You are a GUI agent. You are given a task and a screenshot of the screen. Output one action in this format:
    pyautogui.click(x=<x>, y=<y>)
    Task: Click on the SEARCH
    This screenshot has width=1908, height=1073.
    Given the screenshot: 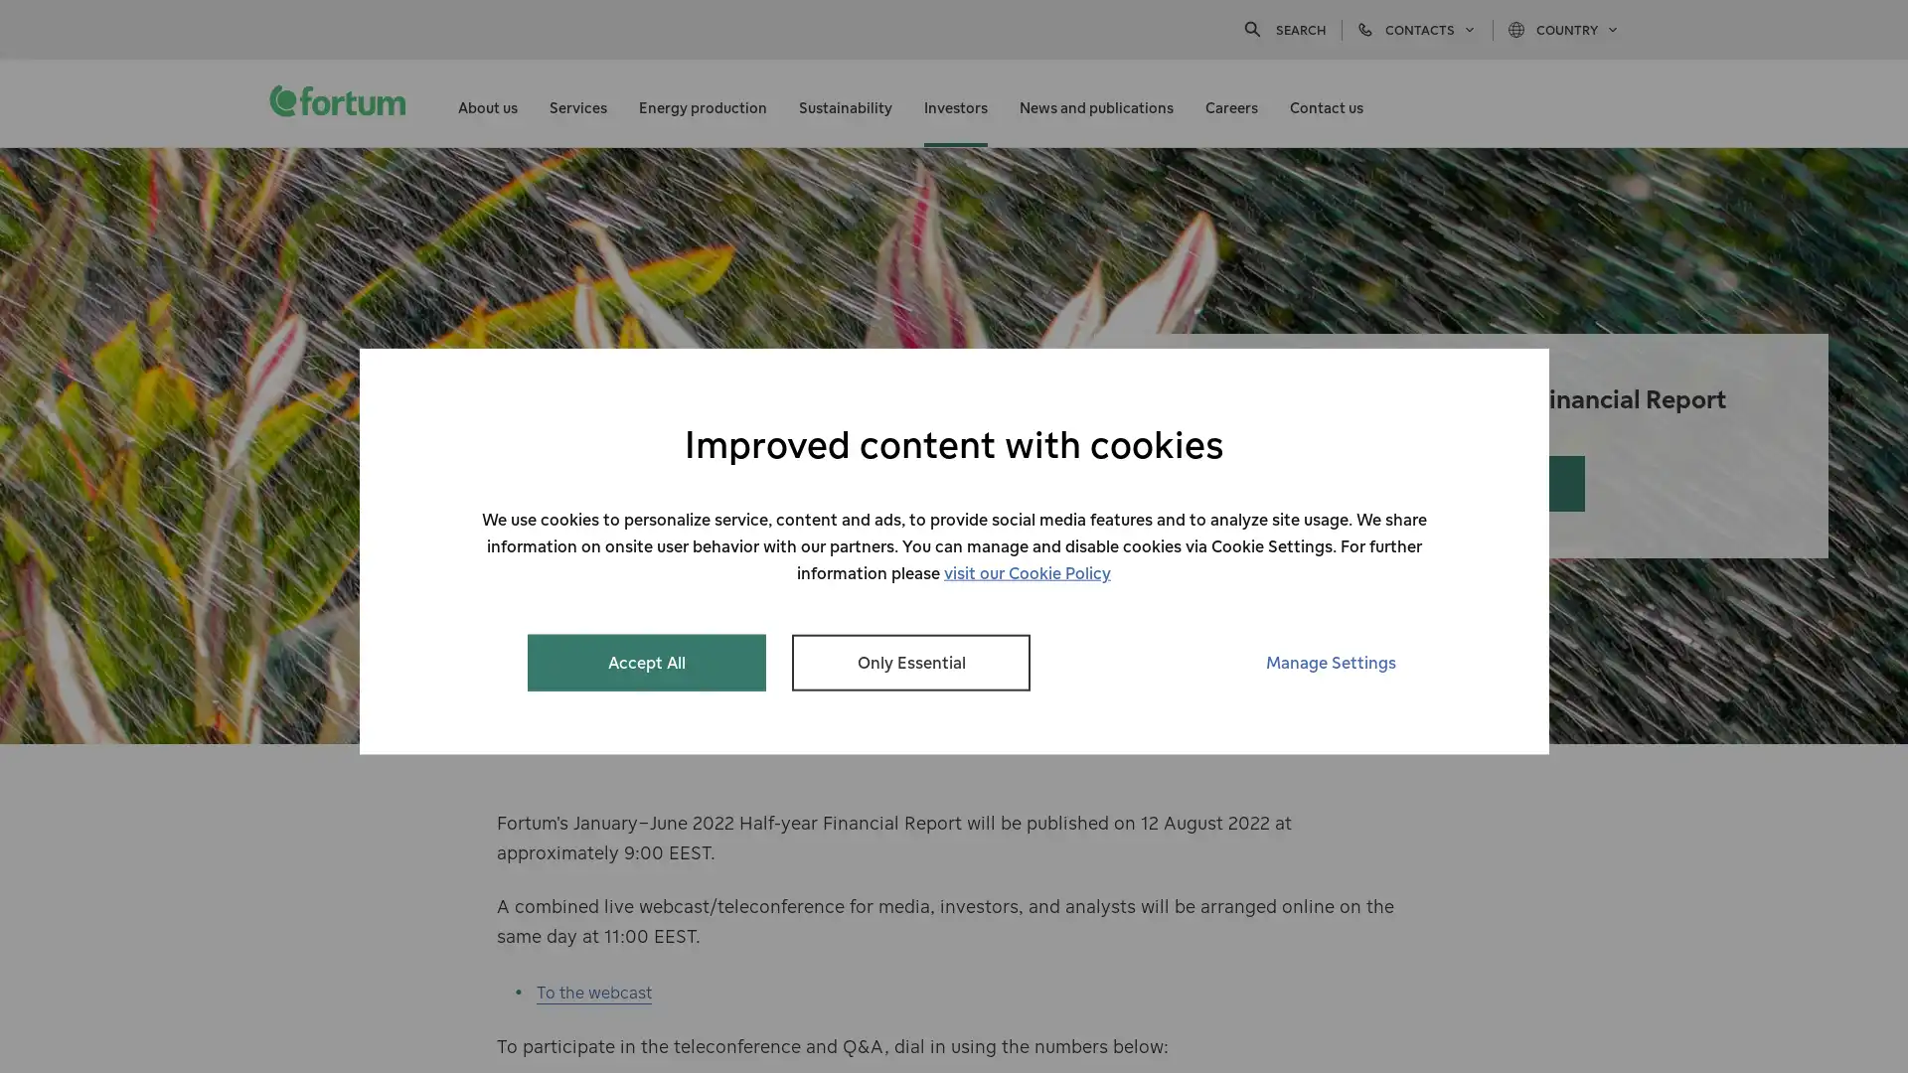 What is the action you would take?
    pyautogui.click(x=1283, y=29)
    